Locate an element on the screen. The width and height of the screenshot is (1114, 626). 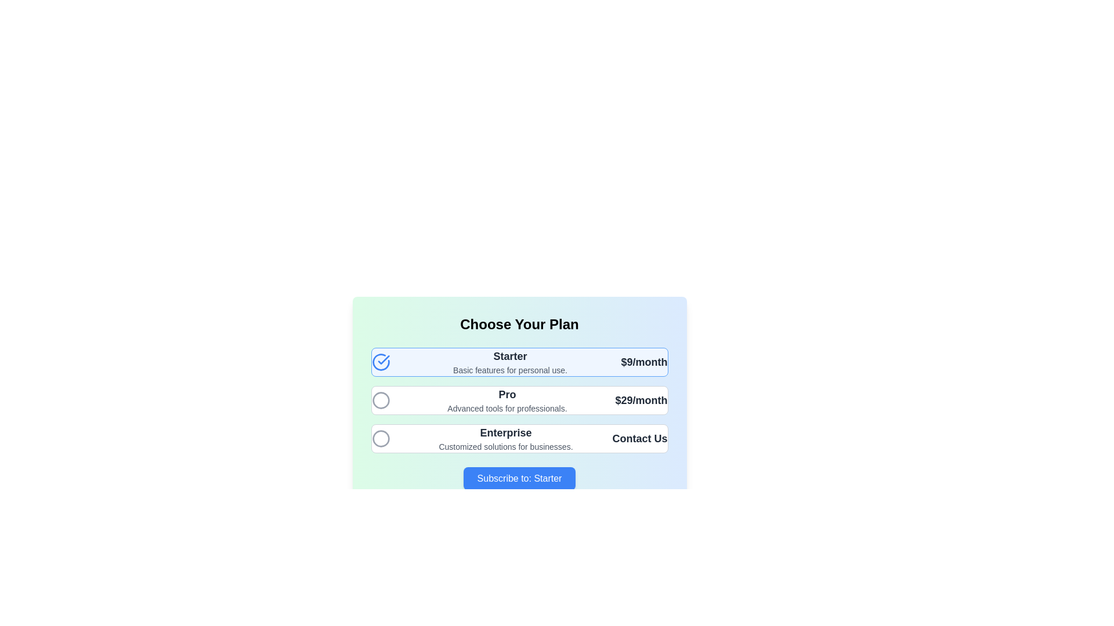
the header title for the 'Enterprise' plan, which is positioned under the 'Pro' plan and above the descriptive text for the 'Enterprise' plan is located at coordinates (506, 433).